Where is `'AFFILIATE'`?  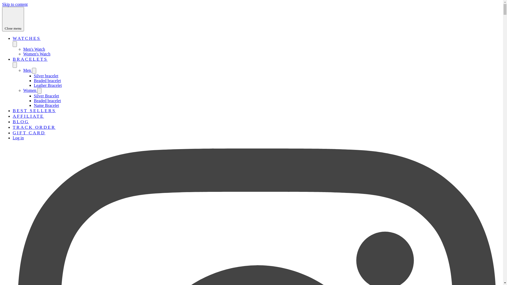 'AFFILIATE' is located at coordinates (28, 116).